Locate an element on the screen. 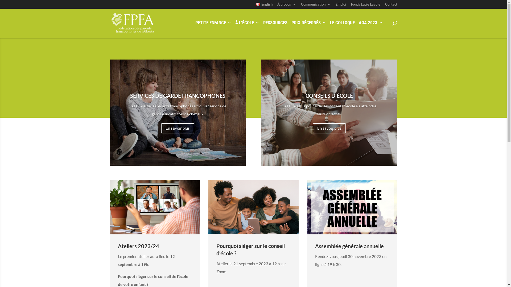  'Contact' is located at coordinates (391, 6).